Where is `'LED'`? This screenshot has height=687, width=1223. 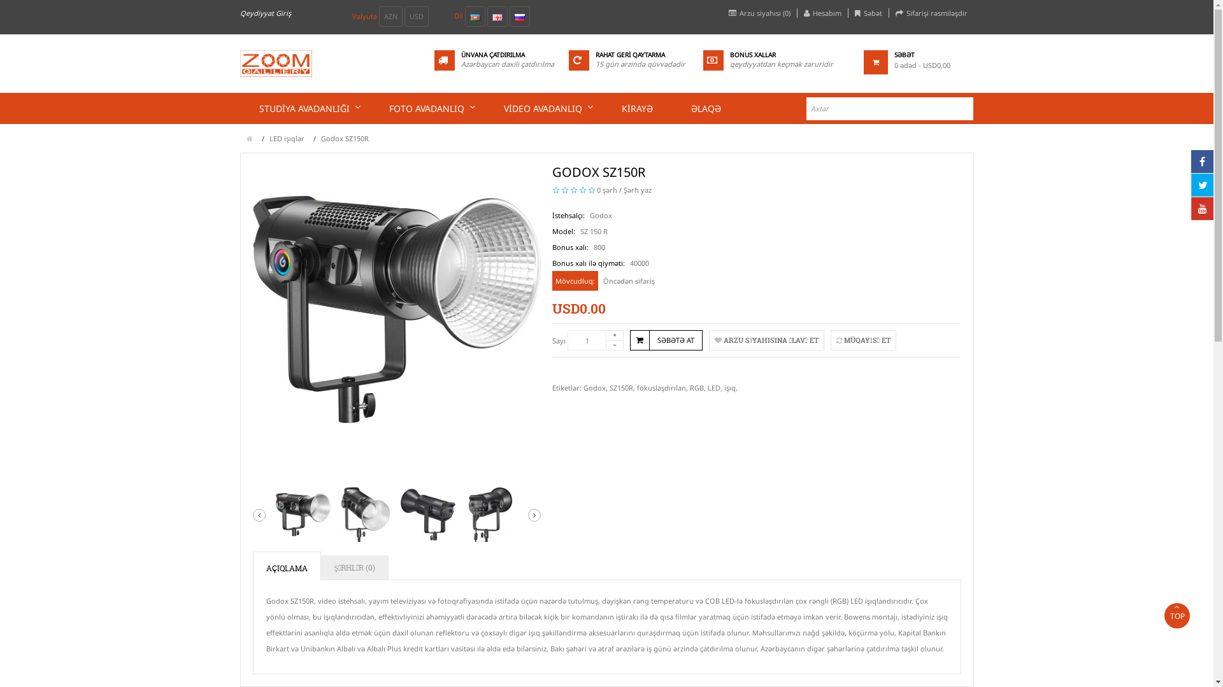
'LED' is located at coordinates (714, 387).